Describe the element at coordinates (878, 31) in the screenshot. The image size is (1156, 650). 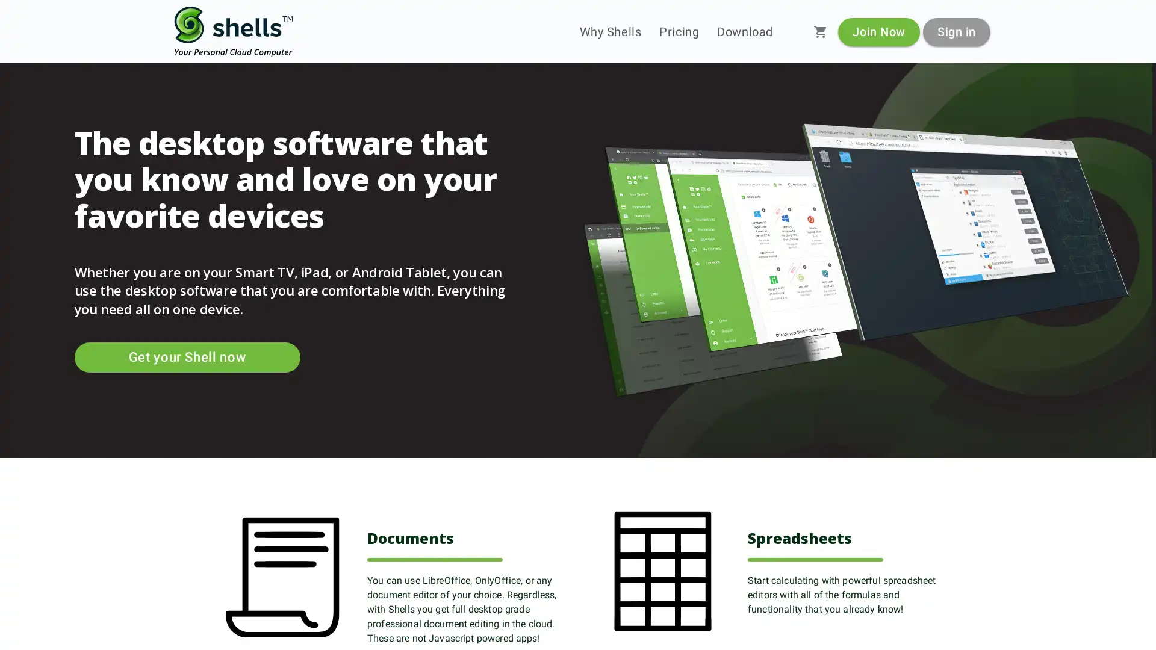
I see `Join Now` at that location.